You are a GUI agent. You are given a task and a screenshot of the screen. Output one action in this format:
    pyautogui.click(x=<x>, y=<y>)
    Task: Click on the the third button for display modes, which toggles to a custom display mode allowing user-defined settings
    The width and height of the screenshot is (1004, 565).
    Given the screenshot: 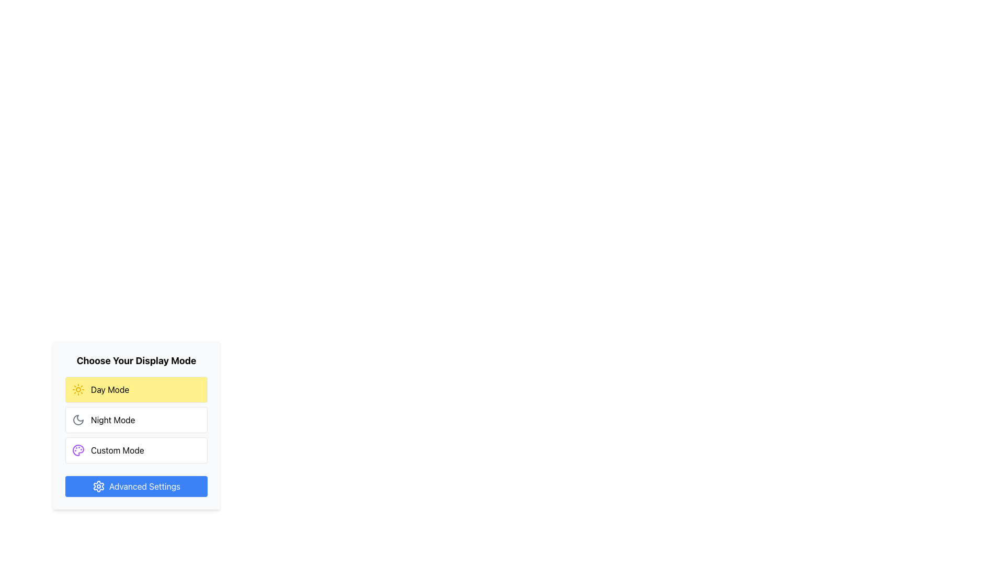 What is the action you would take?
    pyautogui.click(x=135, y=449)
    